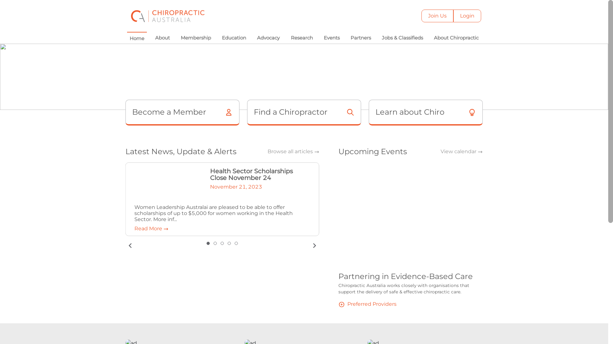  I want to click on 'Preferred Providers', so click(367, 304).